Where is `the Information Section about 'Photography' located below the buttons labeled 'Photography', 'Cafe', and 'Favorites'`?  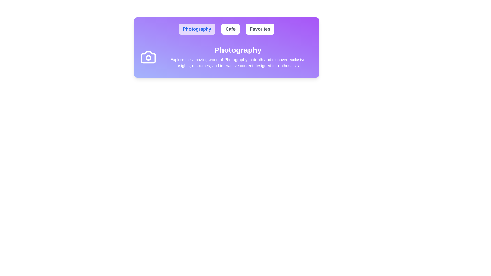 the Information Section about 'Photography' located below the buttons labeled 'Photography', 'Cafe', and 'Favorites' is located at coordinates (226, 57).